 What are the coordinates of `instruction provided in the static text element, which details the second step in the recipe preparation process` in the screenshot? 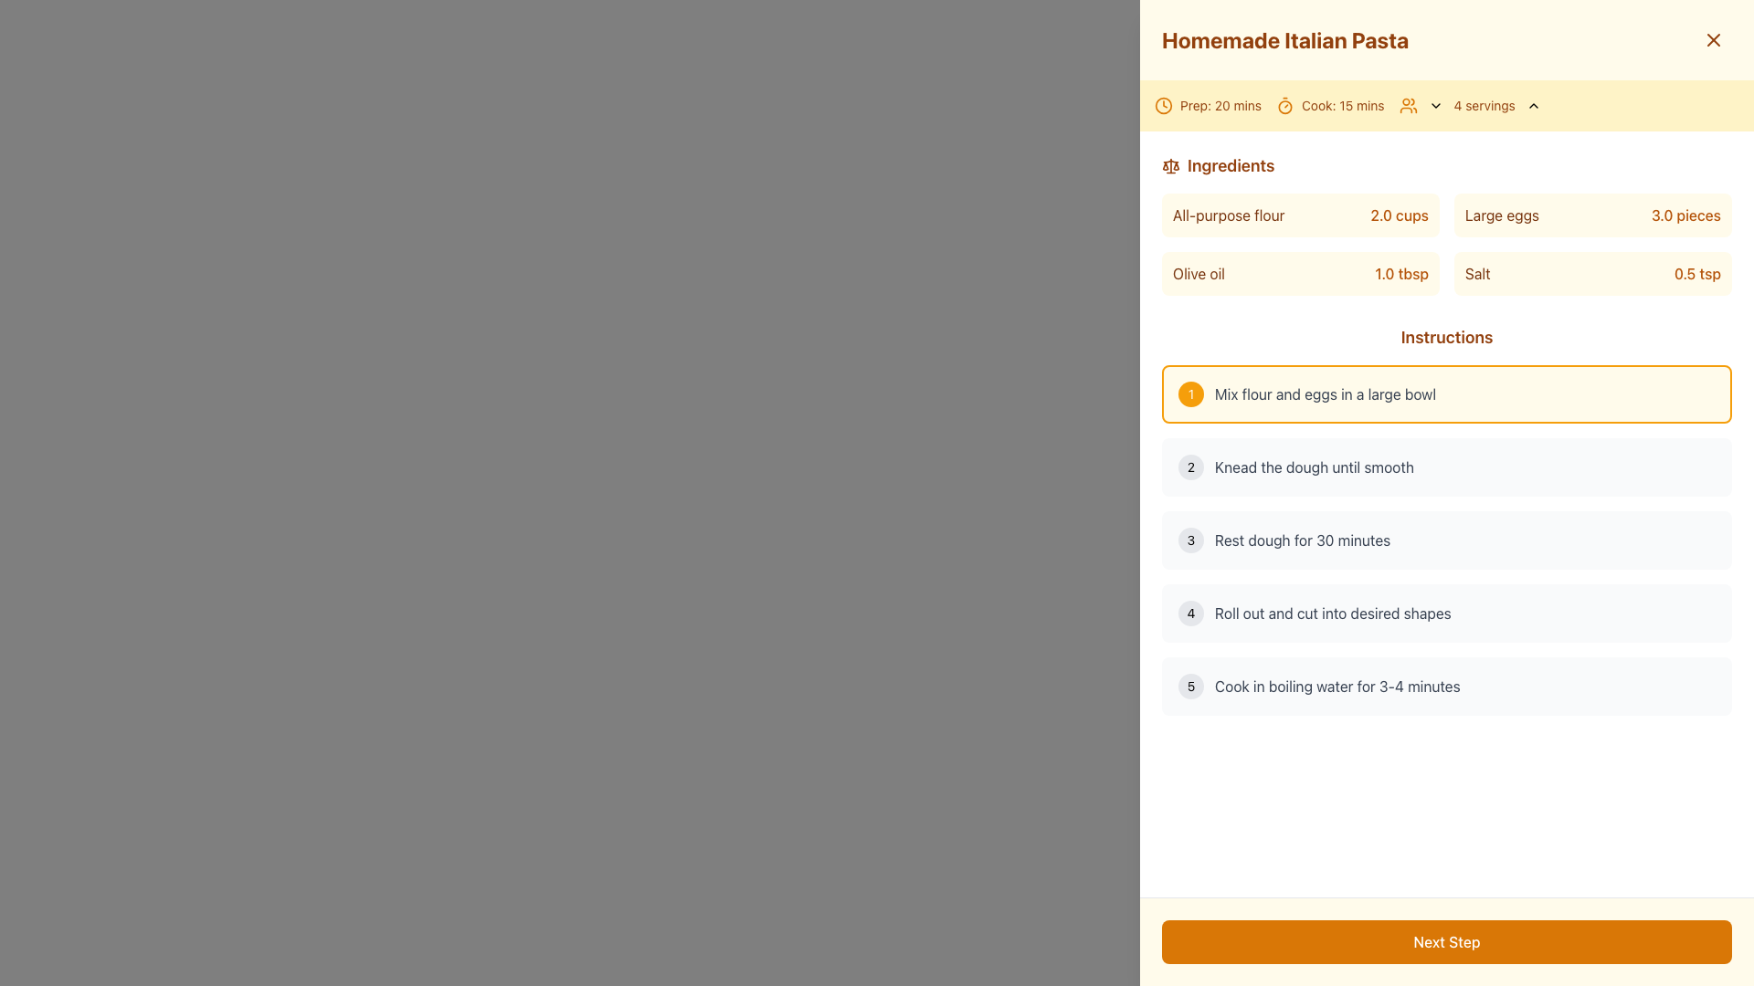 It's located at (1314, 467).